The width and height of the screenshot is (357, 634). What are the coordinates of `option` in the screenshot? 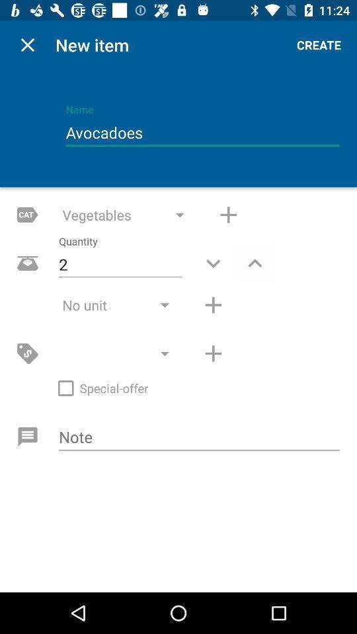 It's located at (213, 353).